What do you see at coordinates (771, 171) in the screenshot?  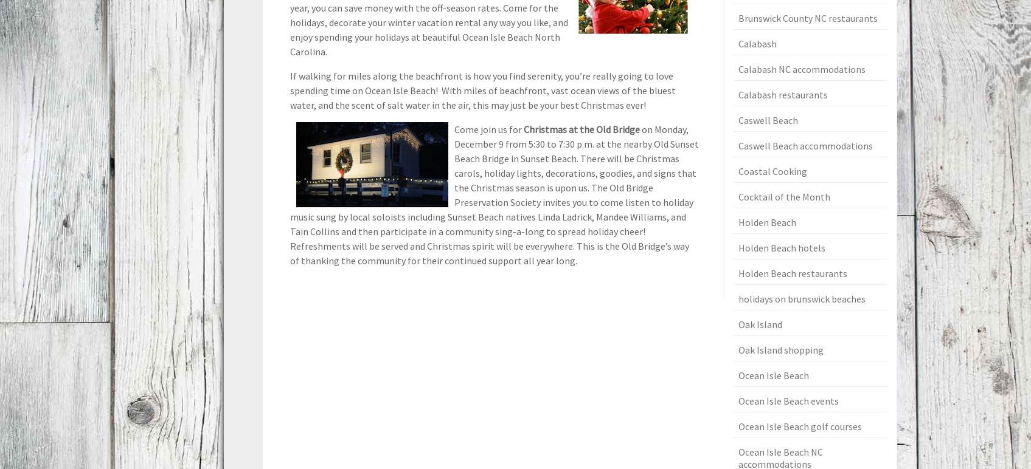 I see `'Coastal Cooking'` at bounding box center [771, 171].